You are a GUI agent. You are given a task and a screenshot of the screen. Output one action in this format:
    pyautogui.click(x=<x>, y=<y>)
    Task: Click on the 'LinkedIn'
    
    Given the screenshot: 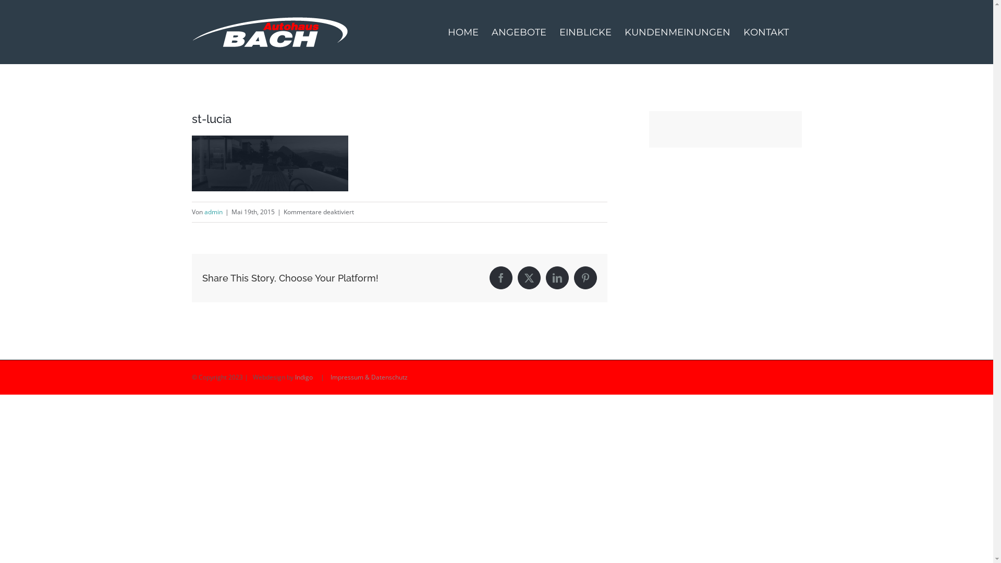 What is the action you would take?
    pyautogui.click(x=557, y=277)
    